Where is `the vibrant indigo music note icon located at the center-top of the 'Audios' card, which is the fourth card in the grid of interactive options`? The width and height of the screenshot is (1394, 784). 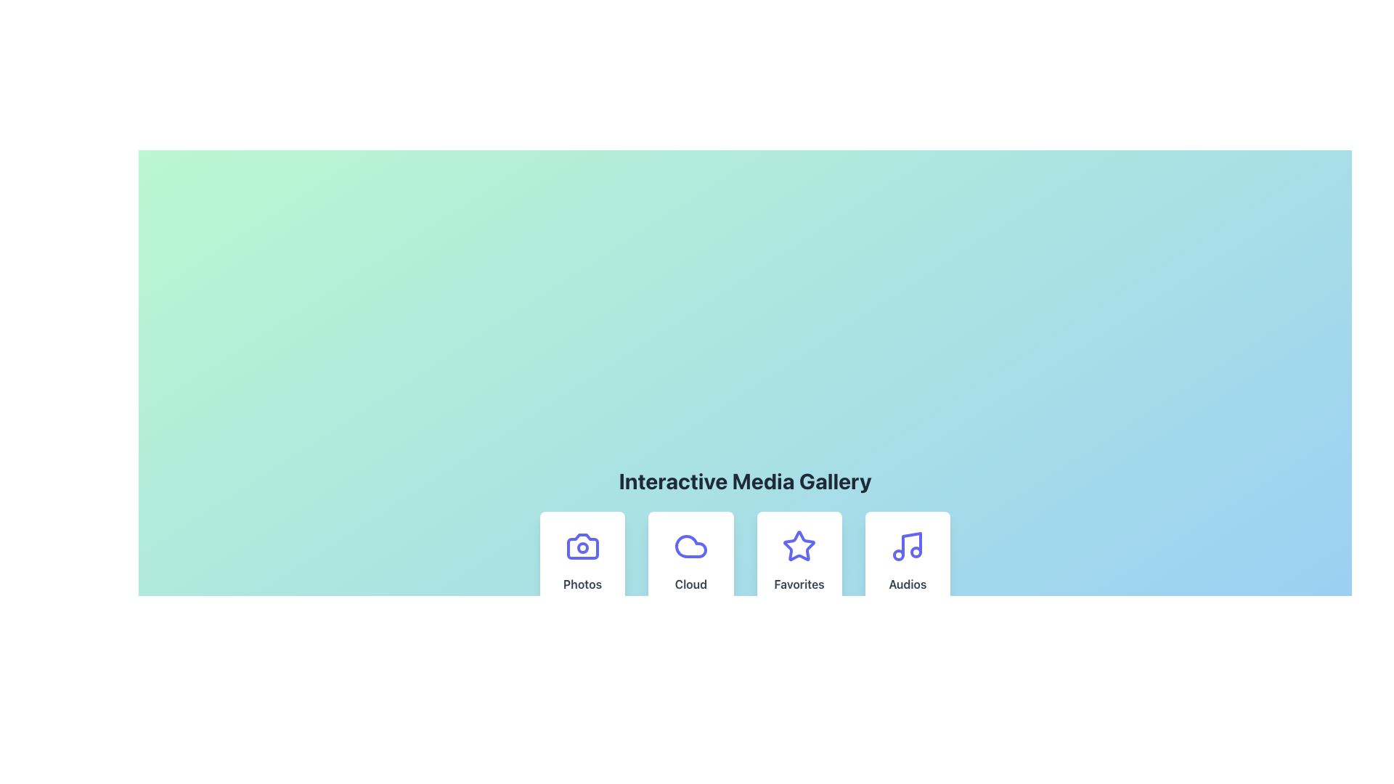
the vibrant indigo music note icon located at the center-top of the 'Audios' card, which is the fourth card in the grid of interactive options is located at coordinates (907, 546).